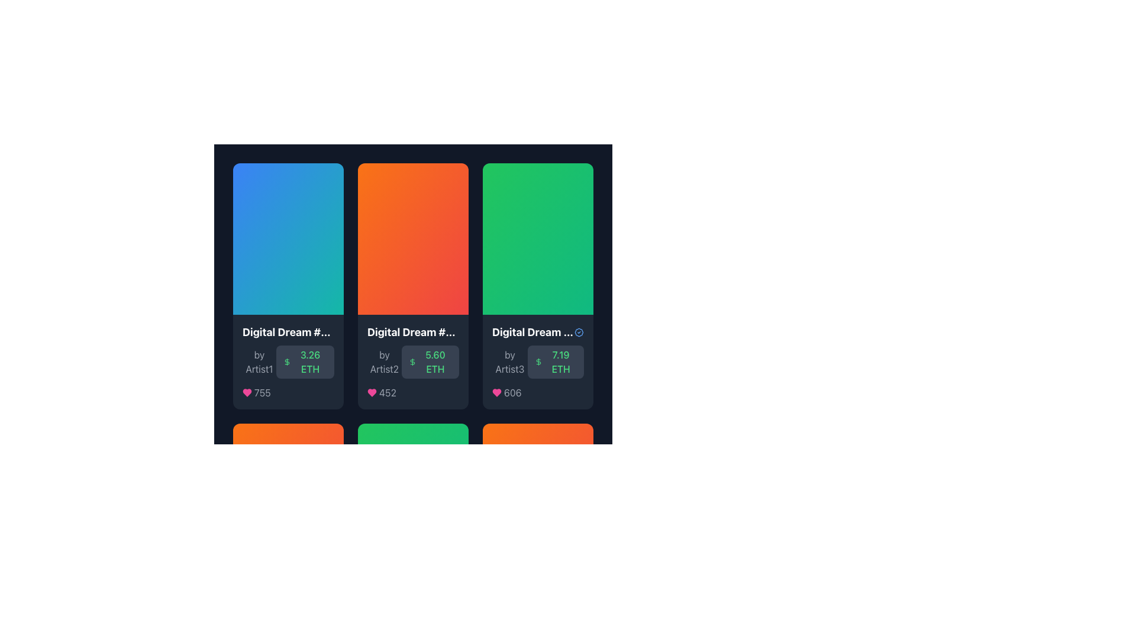 This screenshot has height=639, width=1136. What do you see at coordinates (537, 362) in the screenshot?
I see `the informational display field located beneath the card title 'Digital Dream #3222' in the bottom-right corner of the third card in the card list` at bounding box center [537, 362].